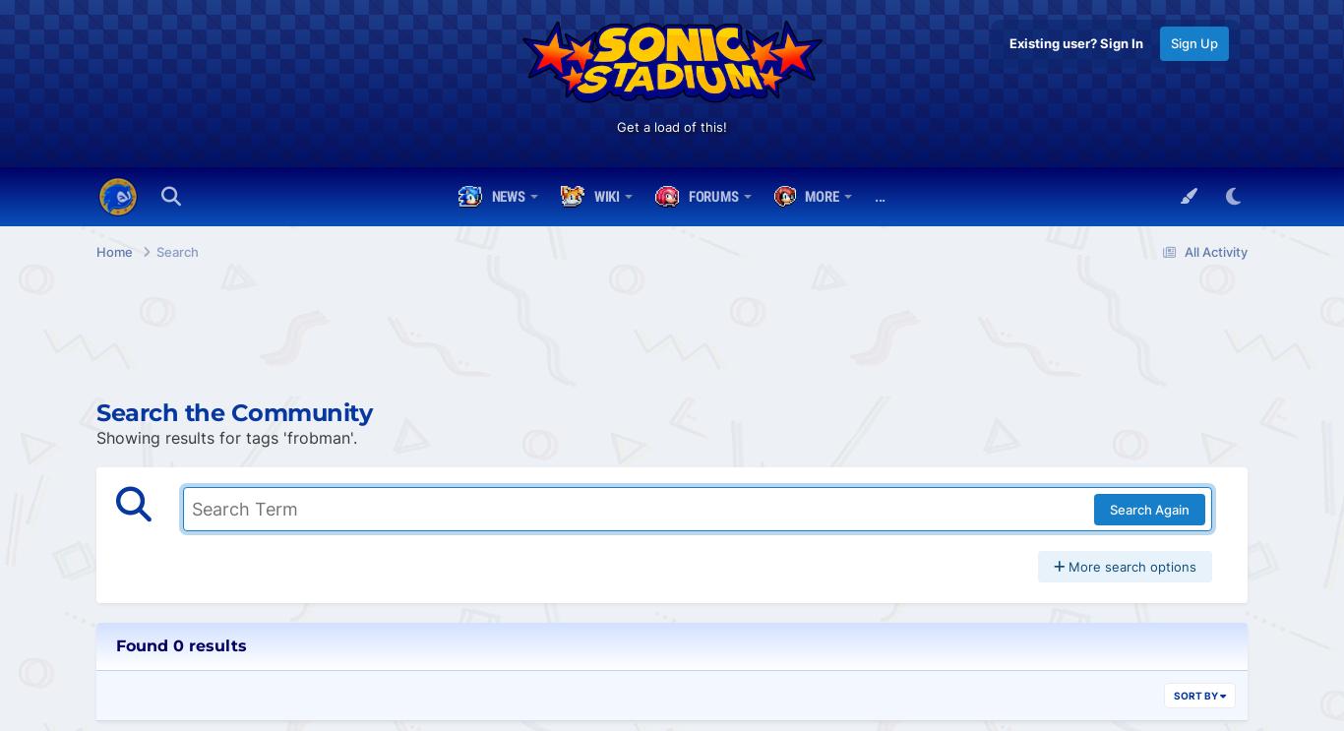 This screenshot has width=1344, height=731. What do you see at coordinates (879, 197) in the screenshot?
I see `'...'` at bounding box center [879, 197].